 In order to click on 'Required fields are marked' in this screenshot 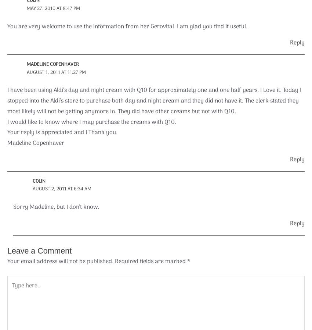, I will do `click(151, 261)`.